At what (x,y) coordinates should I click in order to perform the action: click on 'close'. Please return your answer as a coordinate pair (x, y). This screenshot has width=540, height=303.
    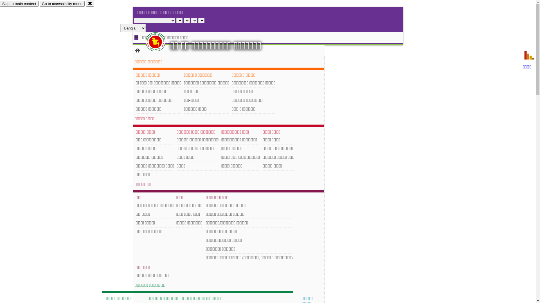
    Looking at the image, I should click on (85, 3).